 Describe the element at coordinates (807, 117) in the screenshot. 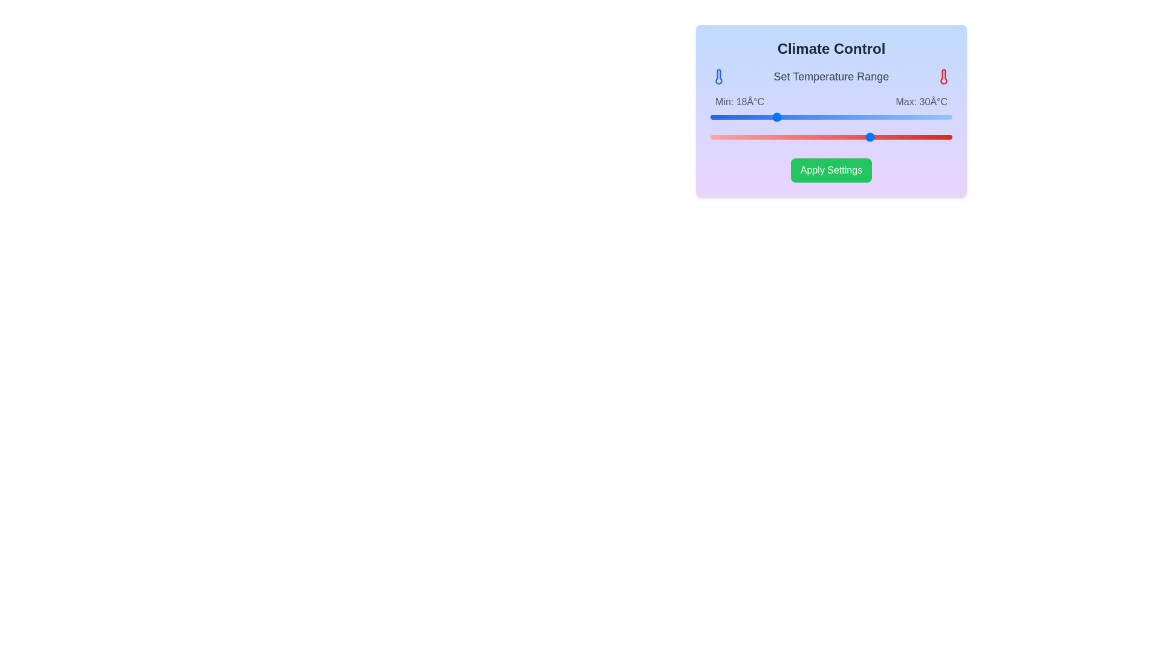

I see `the left slider to set the minimum temperature to 22°C` at that location.